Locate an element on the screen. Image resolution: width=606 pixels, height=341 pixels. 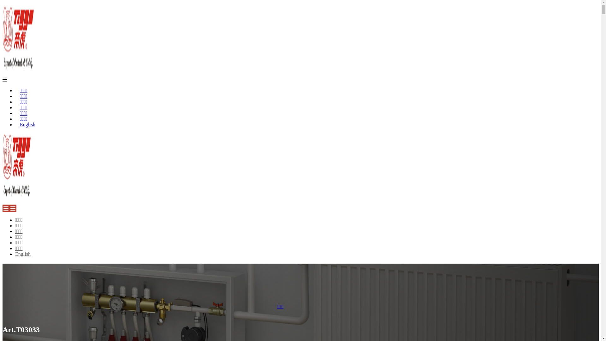
'English' is located at coordinates (27, 124).